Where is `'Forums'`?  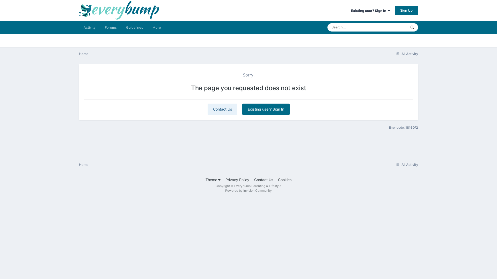 'Forums' is located at coordinates (110, 27).